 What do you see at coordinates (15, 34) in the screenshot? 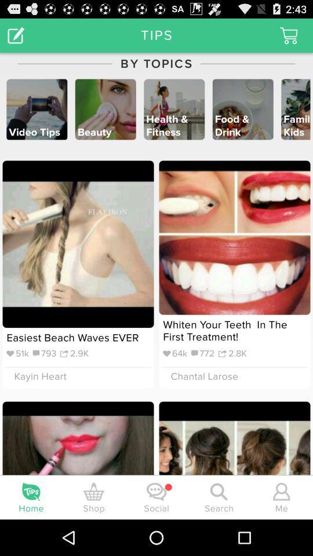
I see `the item next to the by topics item` at bounding box center [15, 34].